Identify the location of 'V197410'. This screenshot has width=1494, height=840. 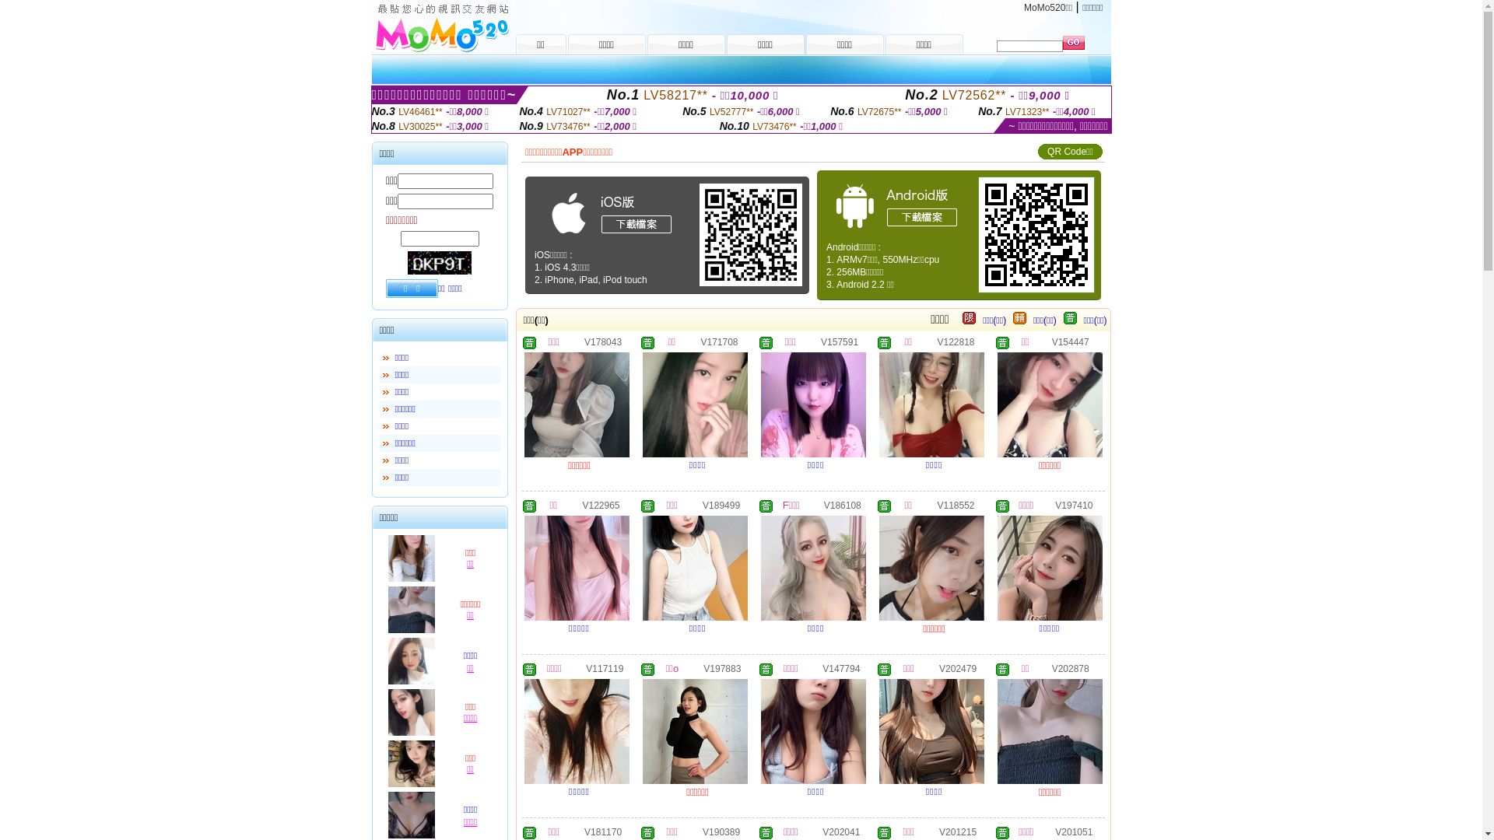
(1073, 504).